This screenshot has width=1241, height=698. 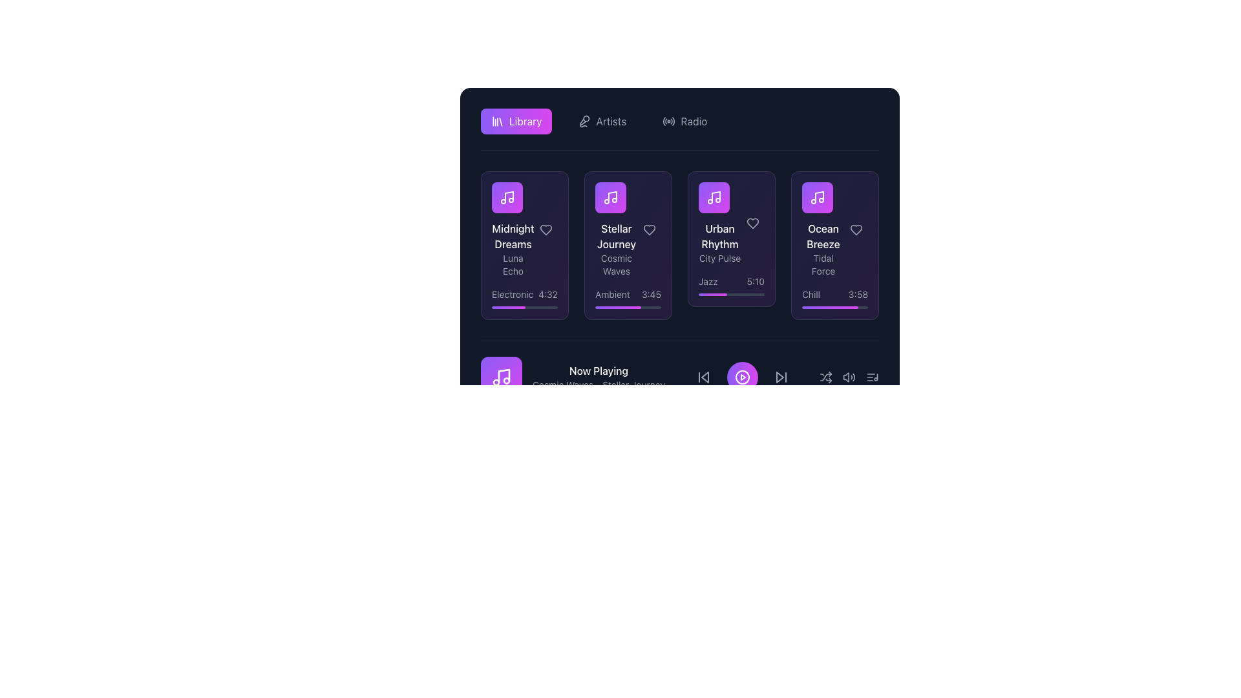 What do you see at coordinates (811, 294) in the screenshot?
I see `the text label that reads 'Chill' located in the bottom-right corner of the 'Ocean Breeze' card` at bounding box center [811, 294].